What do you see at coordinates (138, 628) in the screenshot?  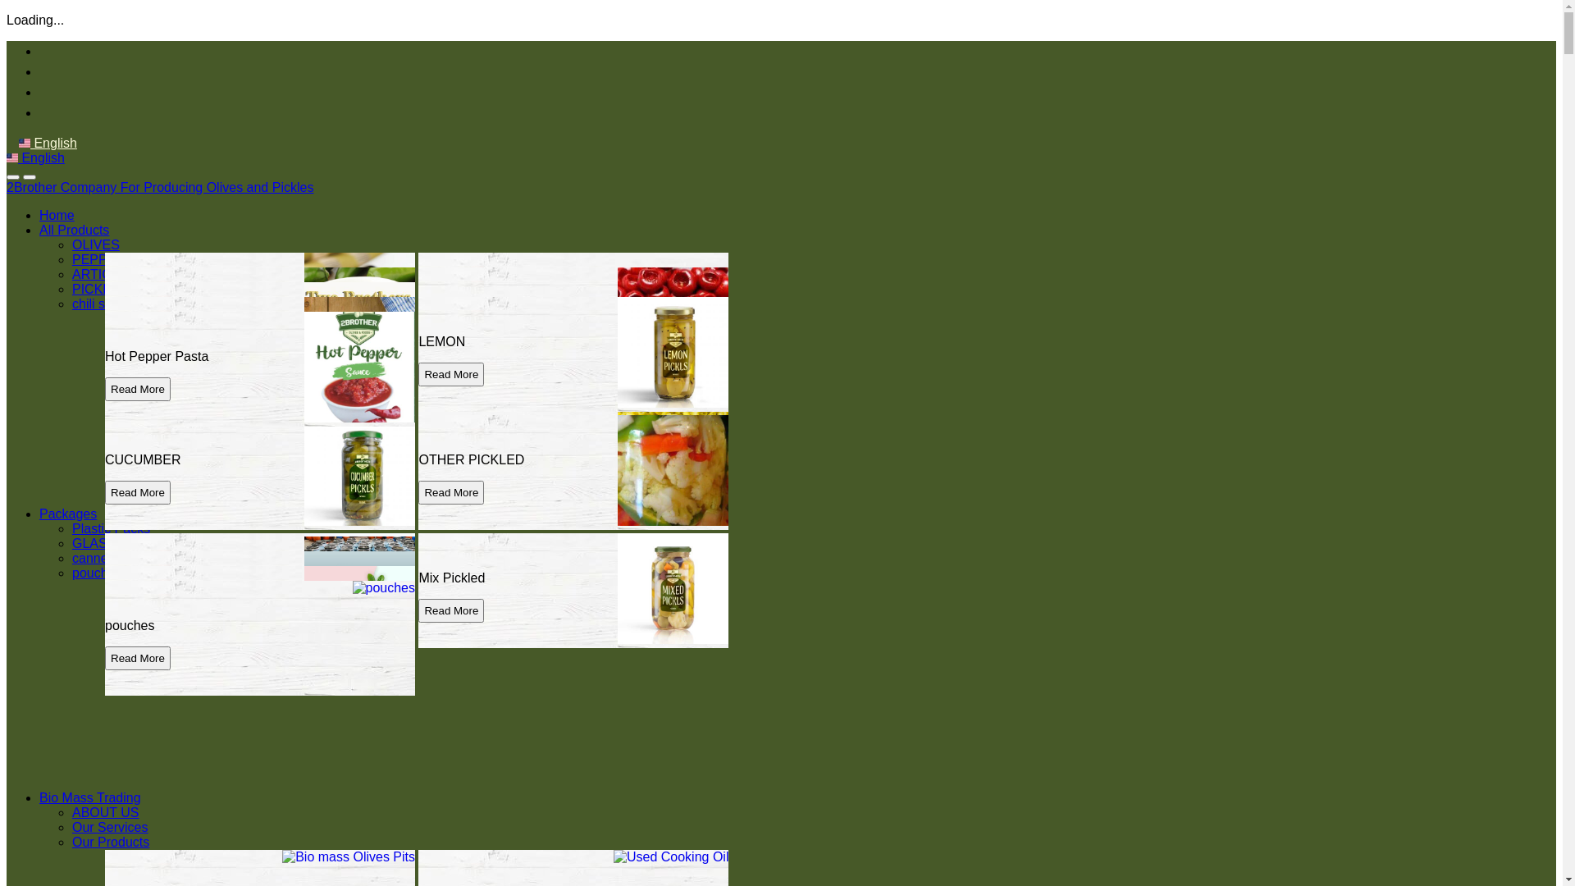 I see `'Read More'` at bounding box center [138, 628].